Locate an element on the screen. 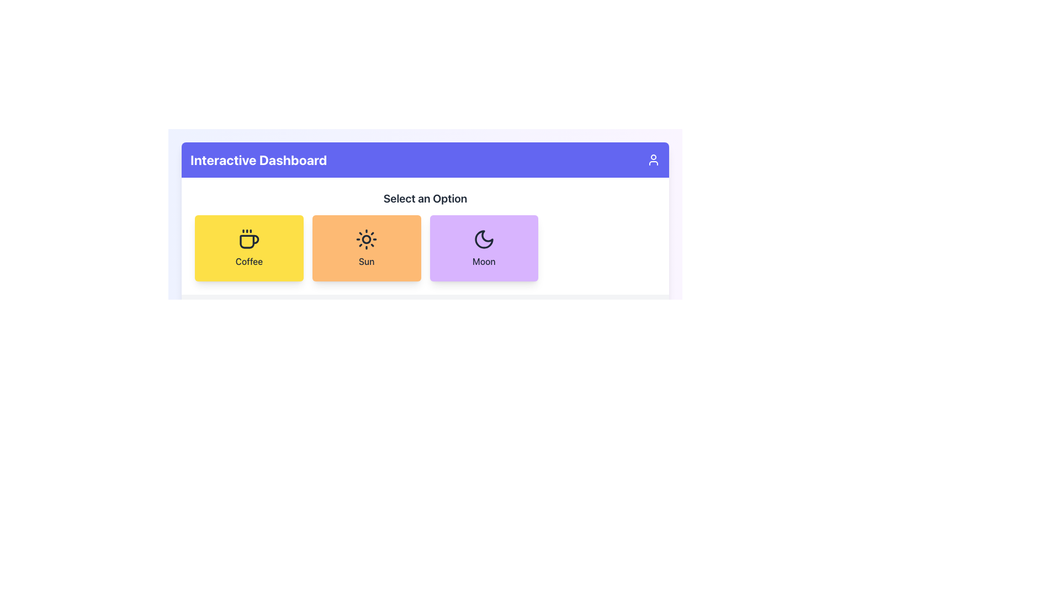 Image resolution: width=1060 pixels, height=596 pixels. the moon-shaped SVG icon located within the purple rectangular card that contains the text 'Moon' below it, which is the third card in a group of three under the heading 'Select an Option' is located at coordinates (484, 239).